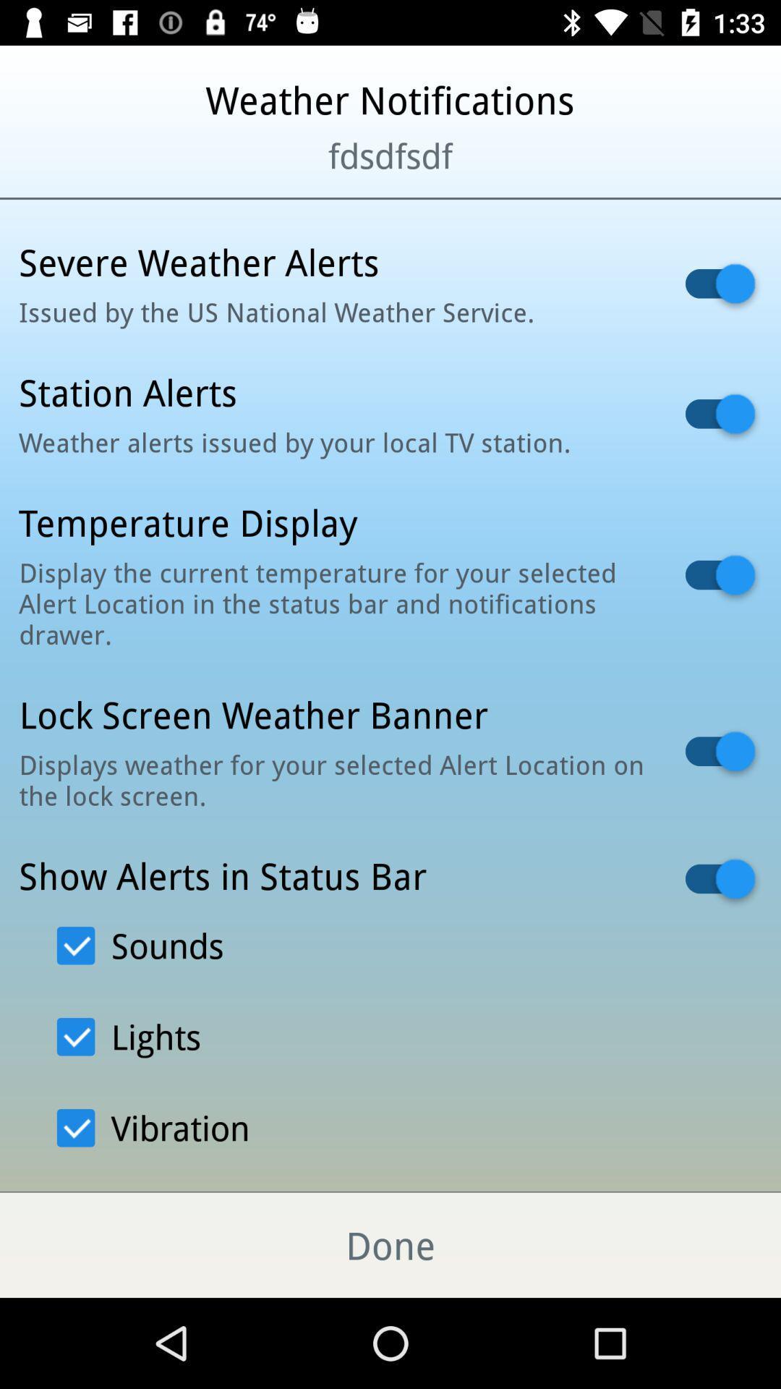  I want to click on the item below temperature display icon, so click(333, 603).